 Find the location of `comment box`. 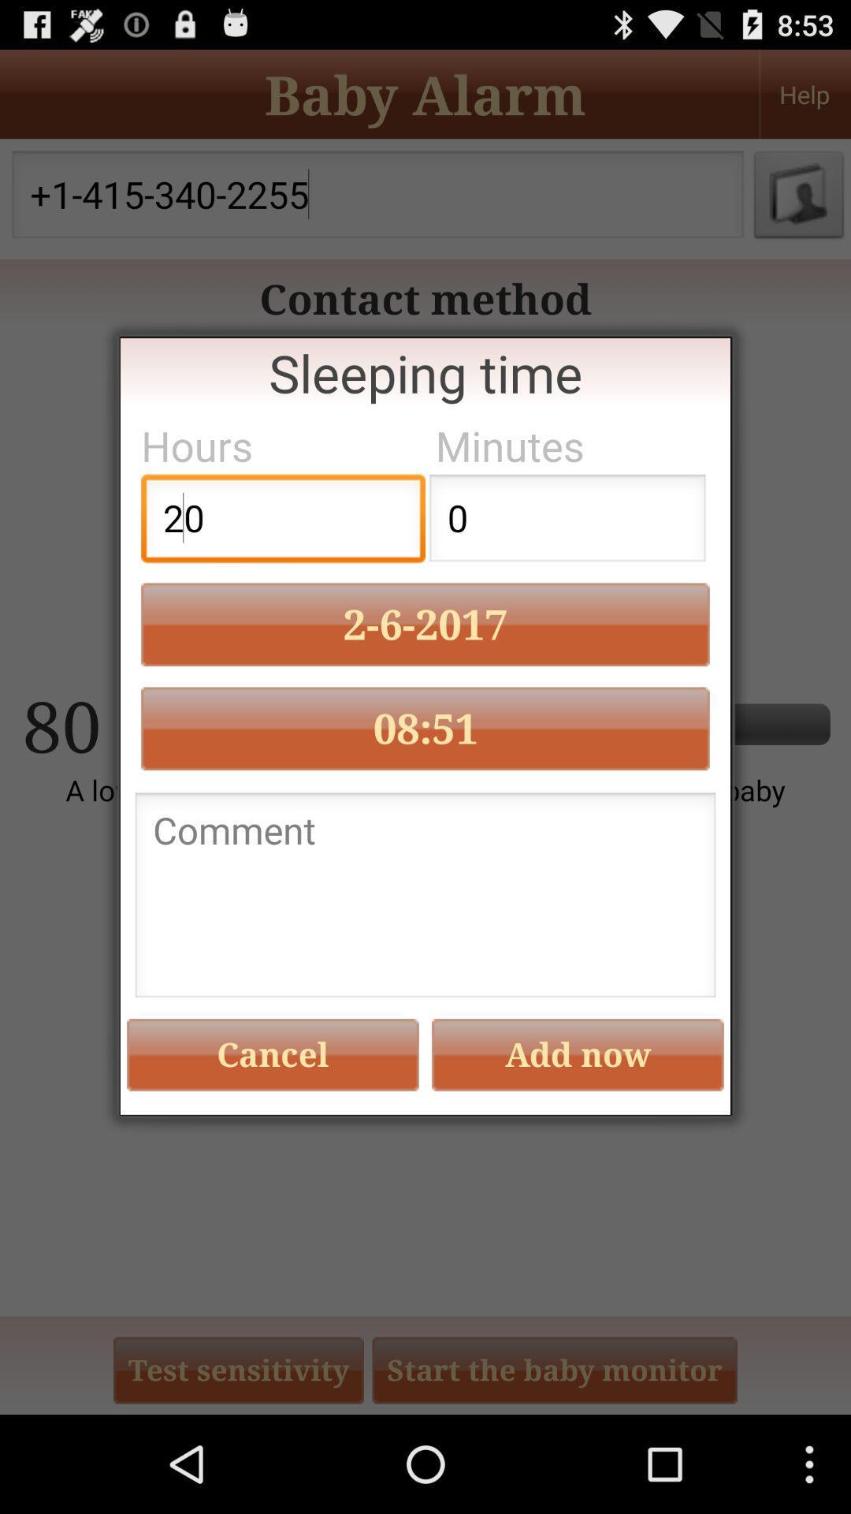

comment box is located at coordinates (425, 900).